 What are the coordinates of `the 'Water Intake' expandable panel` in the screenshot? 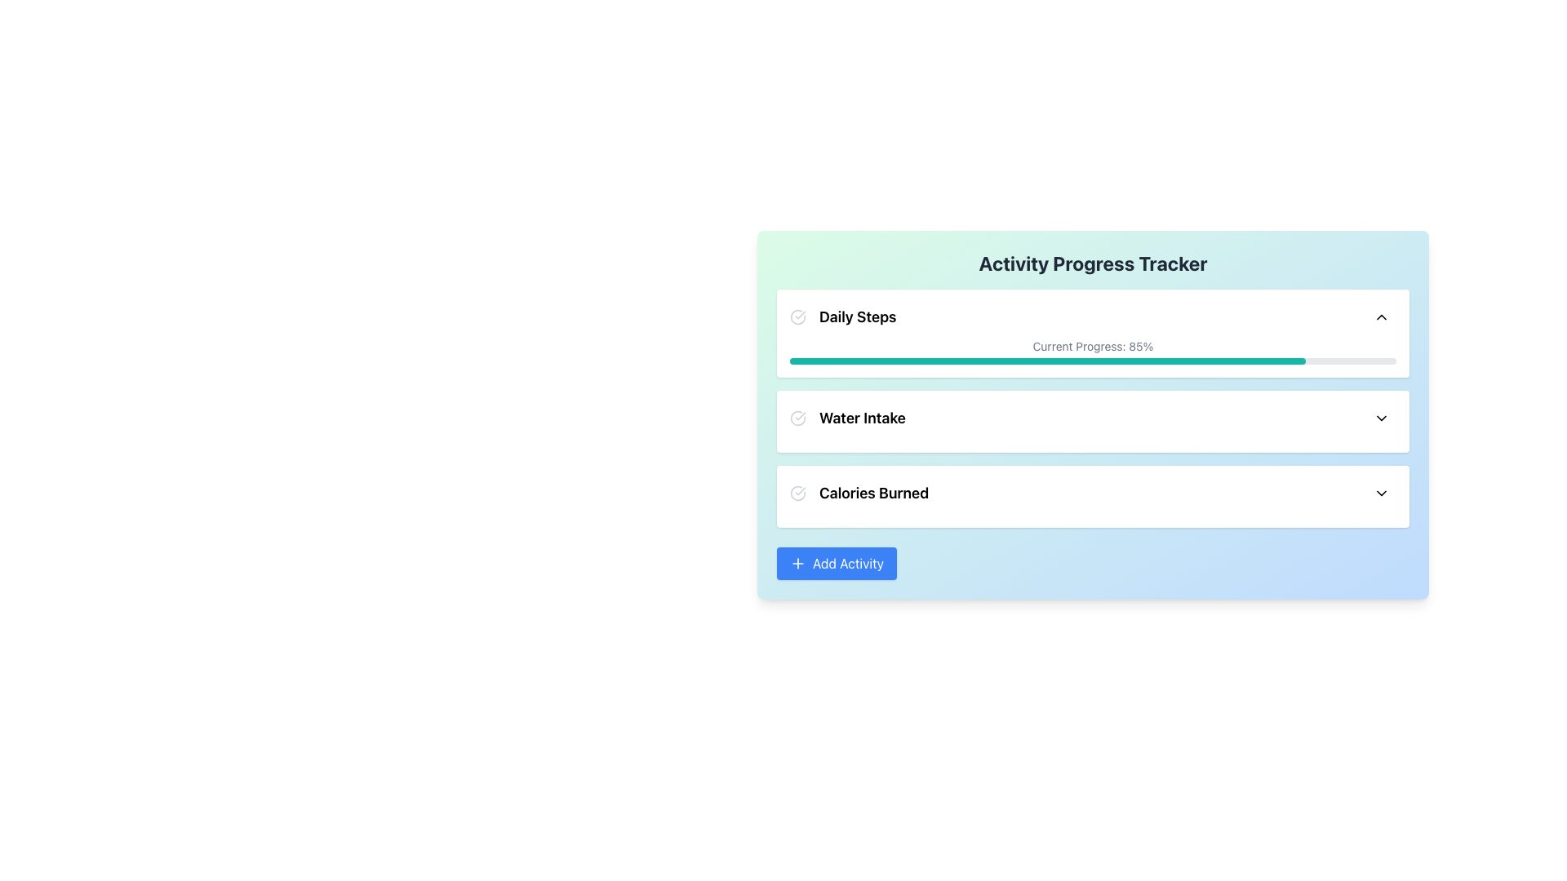 It's located at (1093, 420).